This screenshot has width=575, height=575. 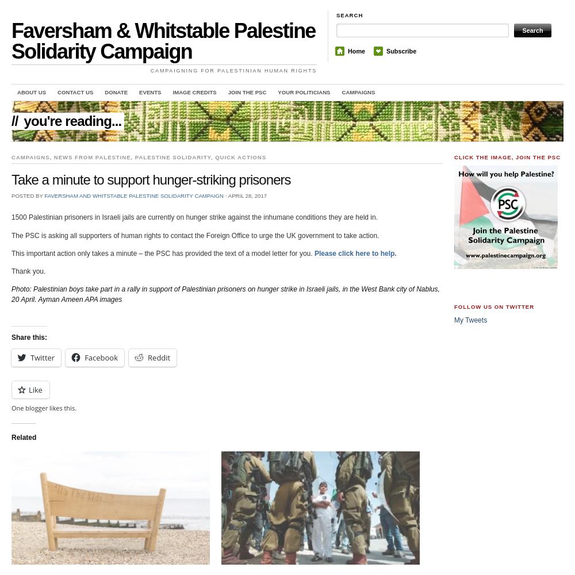 I want to click on 'Subscribe', so click(x=401, y=51).